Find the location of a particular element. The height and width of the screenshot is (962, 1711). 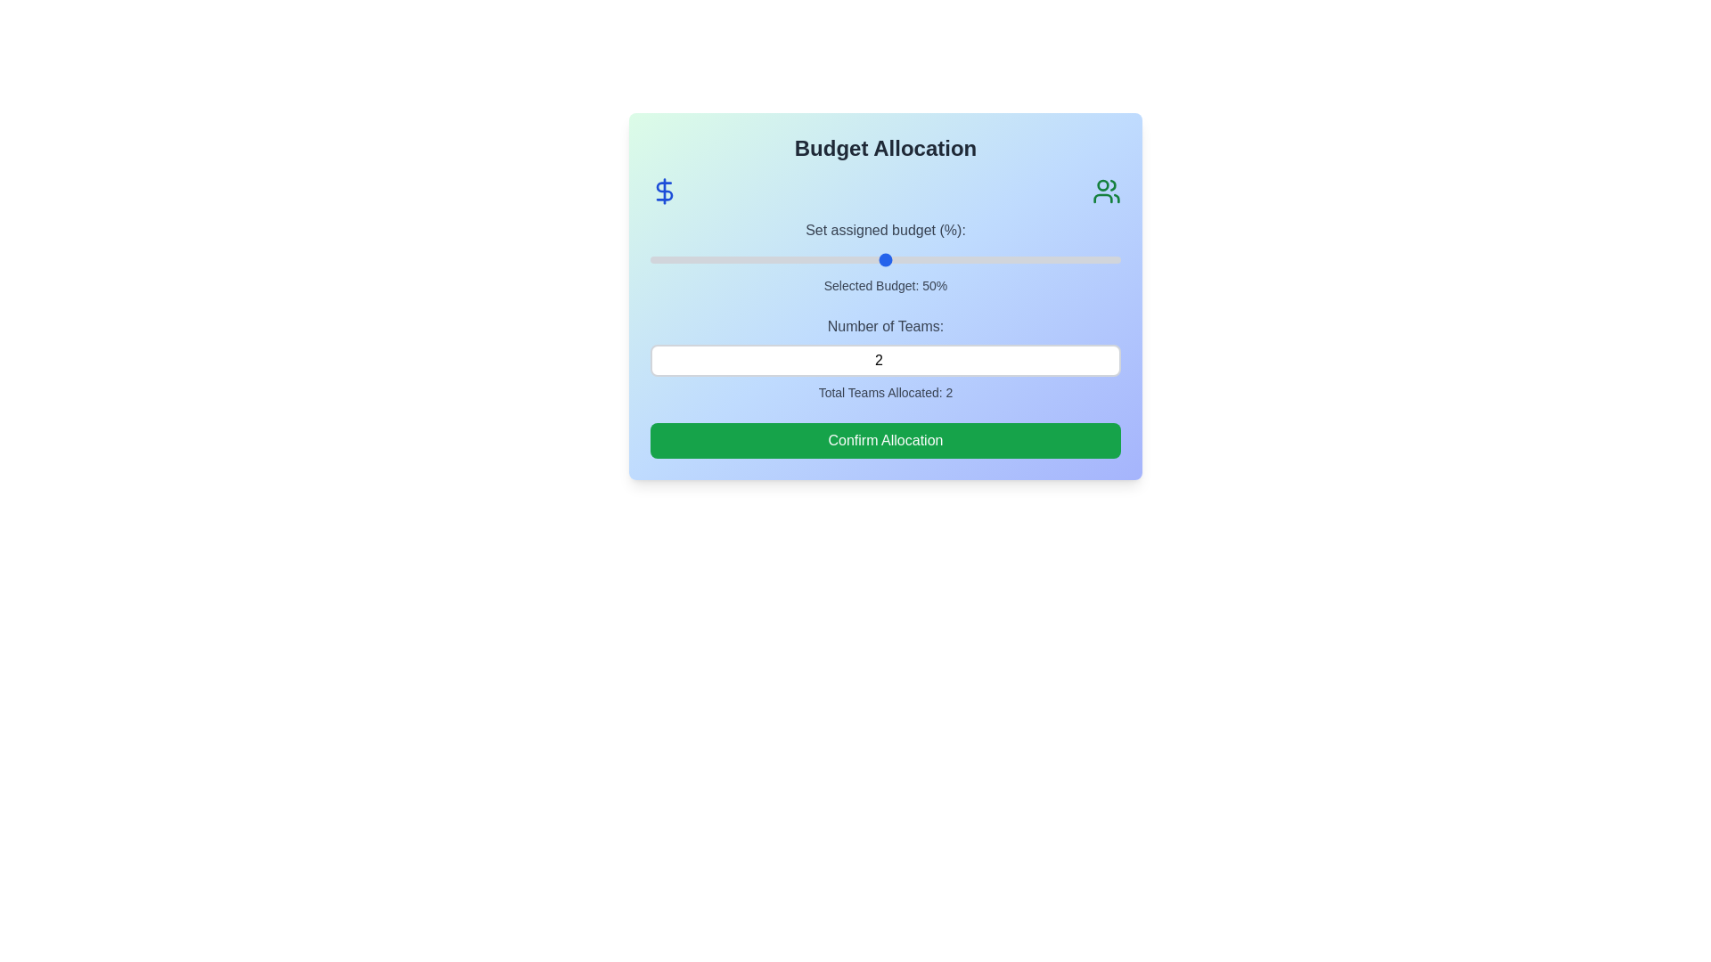

the 'Confirm Allocation' button to finalize the allocation is located at coordinates (885, 440).